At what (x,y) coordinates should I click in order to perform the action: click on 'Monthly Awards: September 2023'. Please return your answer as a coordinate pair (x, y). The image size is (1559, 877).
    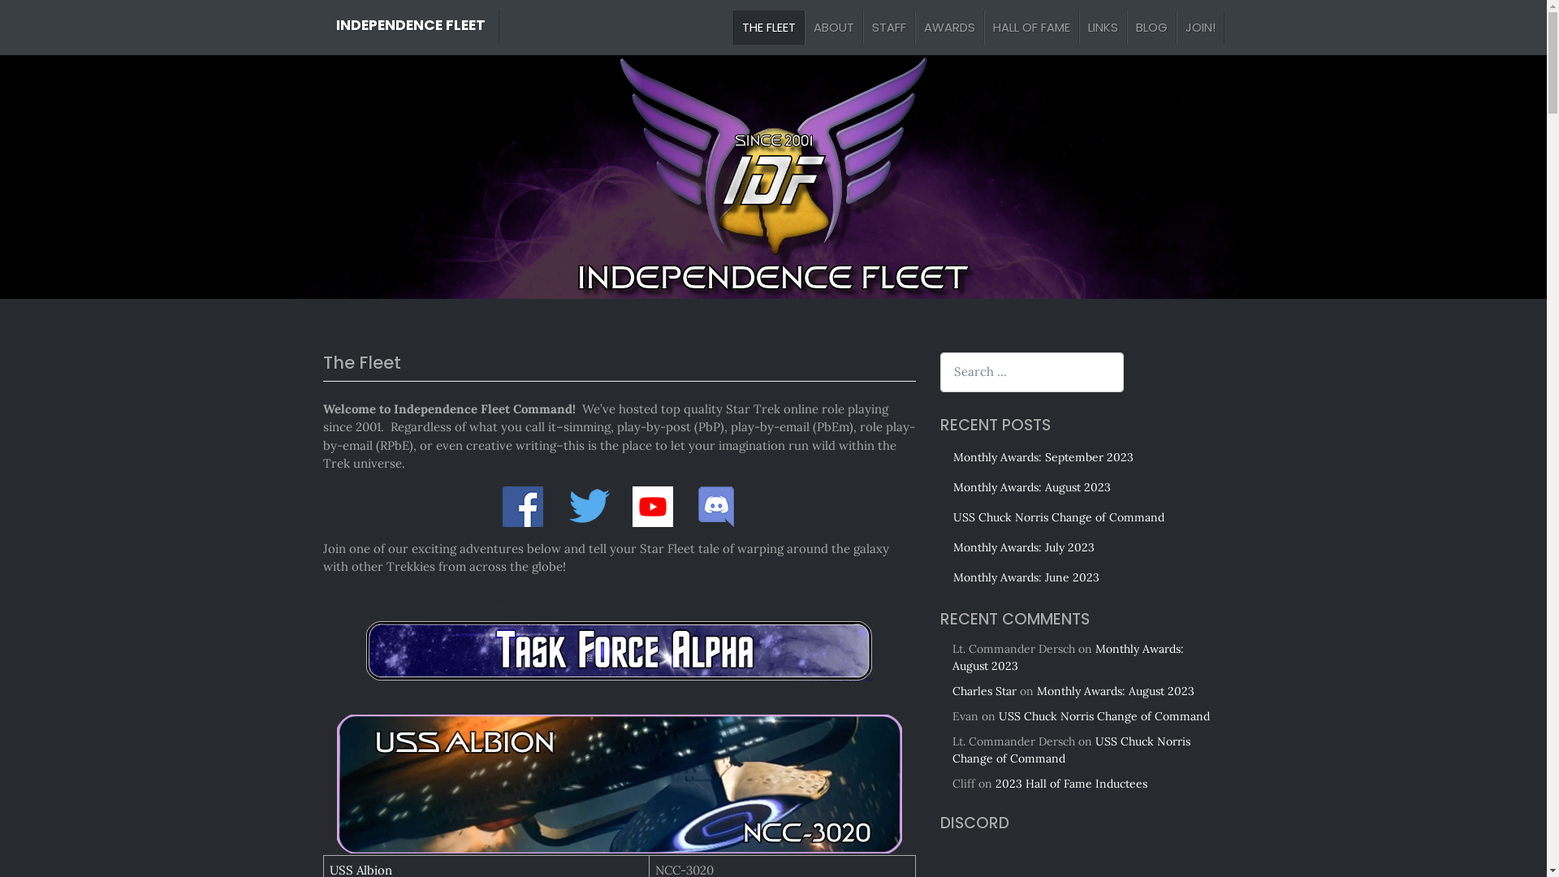
    Looking at the image, I should click on (1082, 457).